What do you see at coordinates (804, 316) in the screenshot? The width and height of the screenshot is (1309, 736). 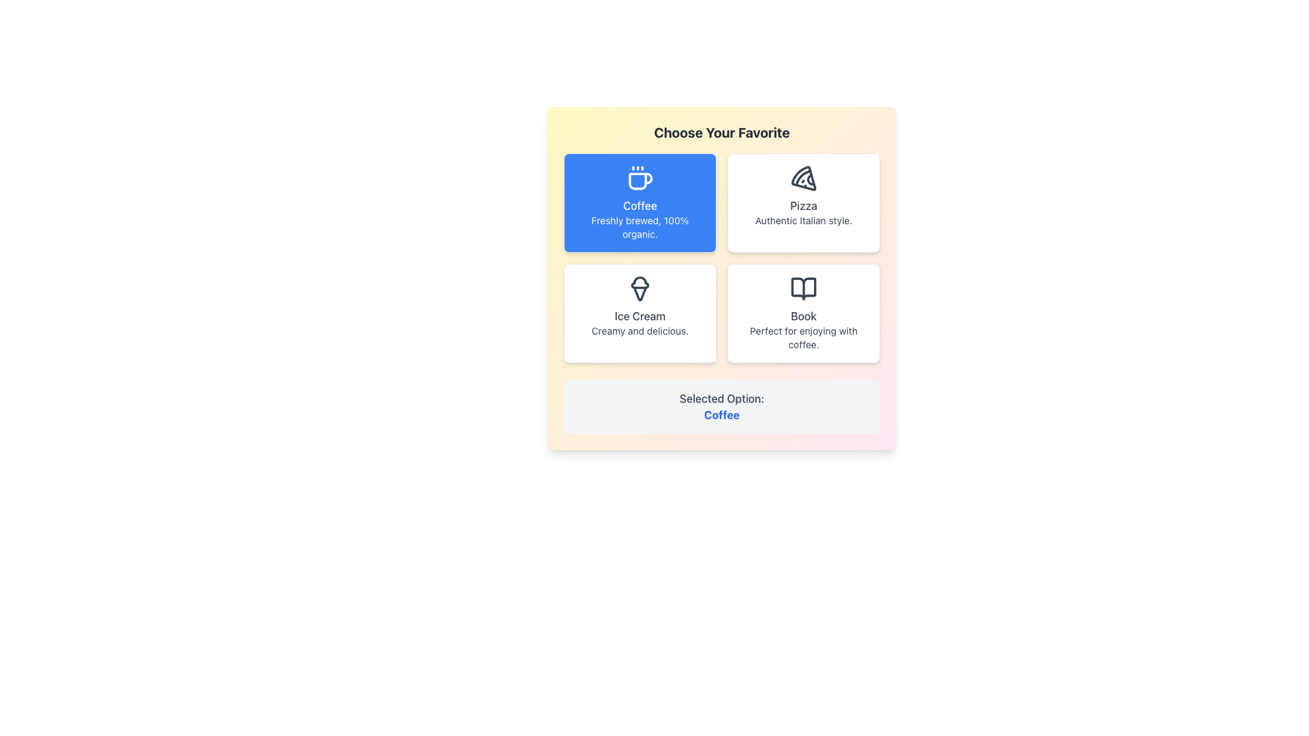 I see `textual label displaying the word 'Book', which is styled in a darker color and located below an open book icon in the bottom-right card of a grid layout` at bounding box center [804, 316].